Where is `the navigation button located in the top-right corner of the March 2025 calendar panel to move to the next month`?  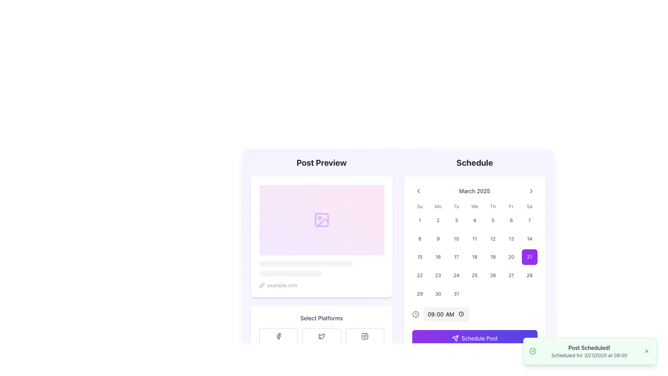
the navigation button located in the top-right corner of the March 2025 calendar panel to move to the next month is located at coordinates (531, 191).